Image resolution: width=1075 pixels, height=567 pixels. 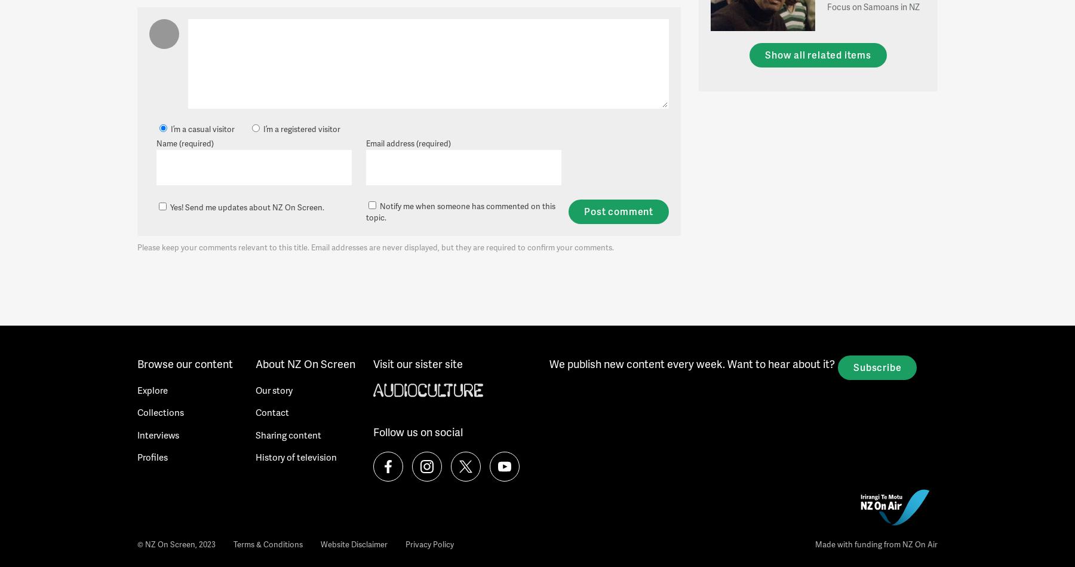 I want to click on 'Made with funding from NZ On Air', so click(x=876, y=543).